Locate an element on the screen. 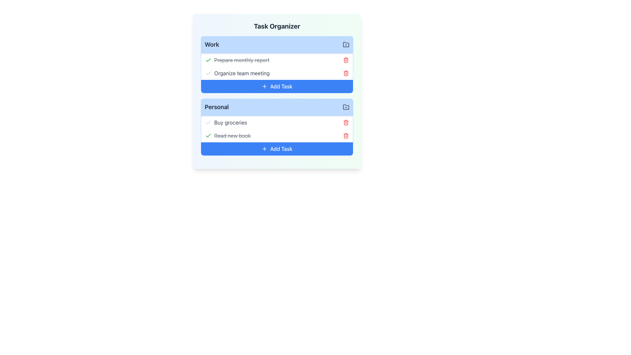 The height and width of the screenshot is (355, 631). the red trash can icon is located at coordinates (345, 73).